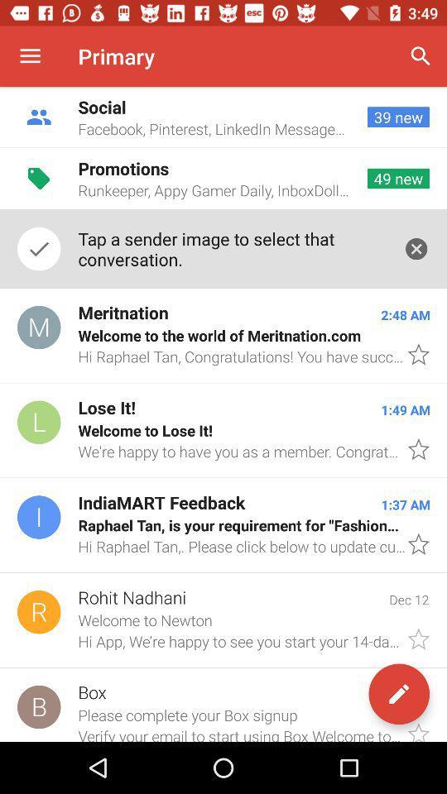 The image size is (447, 794). I want to click on icon next to the tap a sender, so click(416, 249).